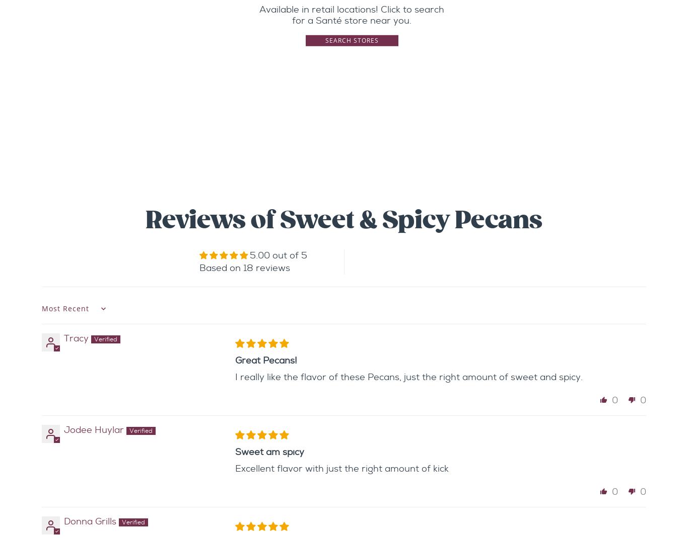 The width and height of the screenshot is (688, 538). I want to click on 'Search Stores', so click(352, 39).